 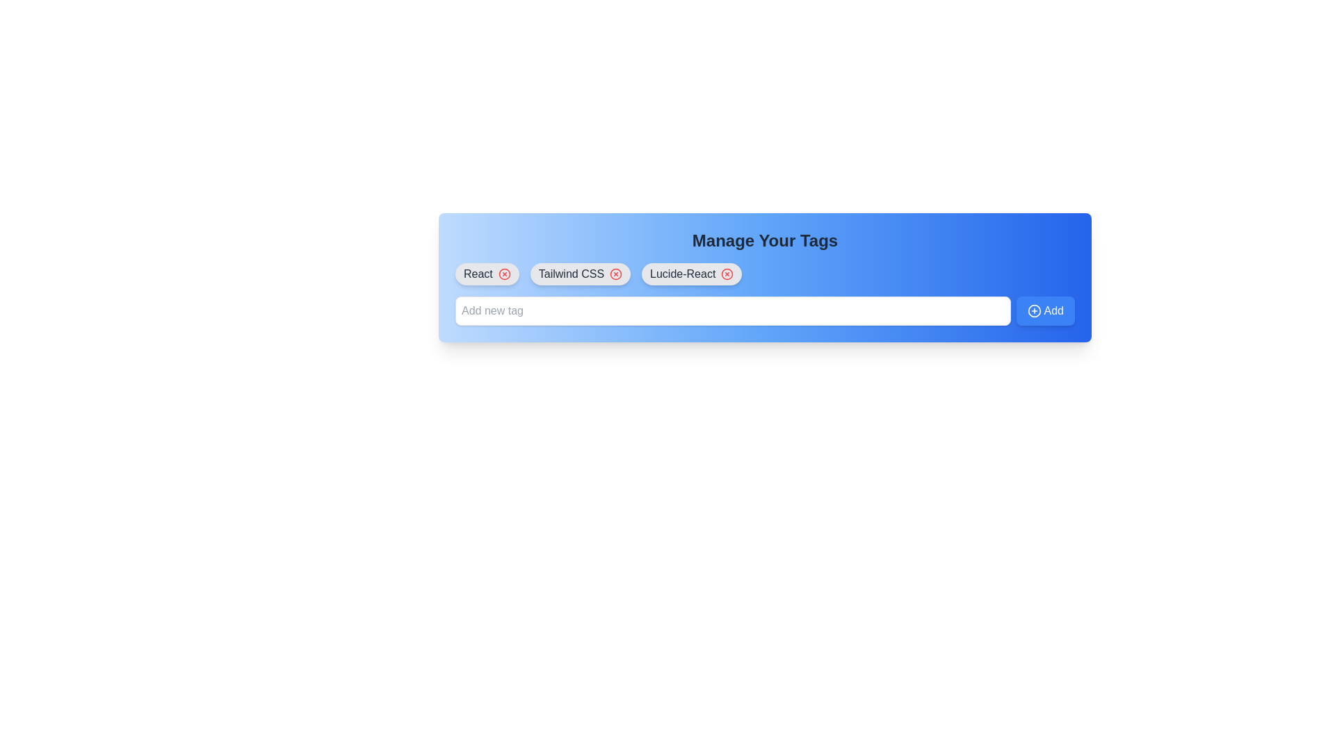 What do you see at coordinates (764, 240) in the screenshot?
I see `the prominently displayed text label 'Manage Your Tags', which is styled with bold and large text and is centered within a gradient background transitioning from light blue to darker blue` at bounding box center [764, 240].